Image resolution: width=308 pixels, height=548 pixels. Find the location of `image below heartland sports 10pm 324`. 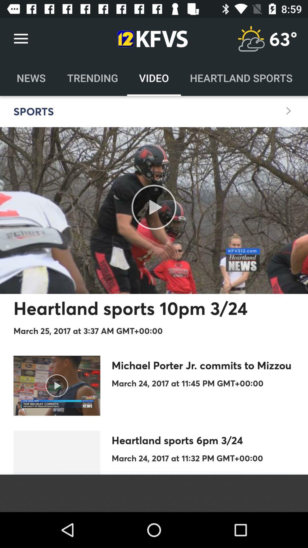

image below heartland sports 10pm 324 is located at coordinates (57, 386).